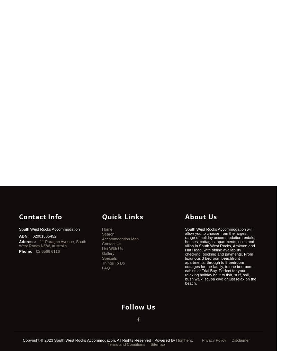  What do you see at coordinates (49, 229) in the screenshot?
I see `'South West Rocks Accommodation'` at bounding box center [49, 229].